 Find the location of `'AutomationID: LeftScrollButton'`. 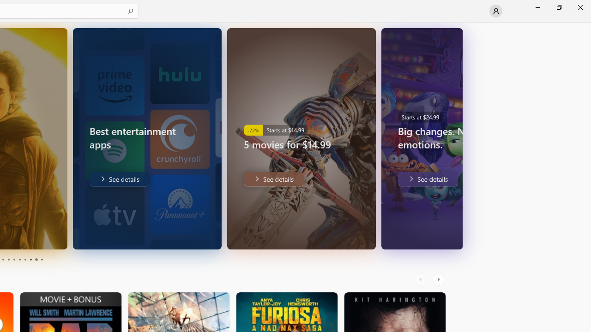

'AutomationID: LeftScrollButton' is located at coordinates (421, 279).